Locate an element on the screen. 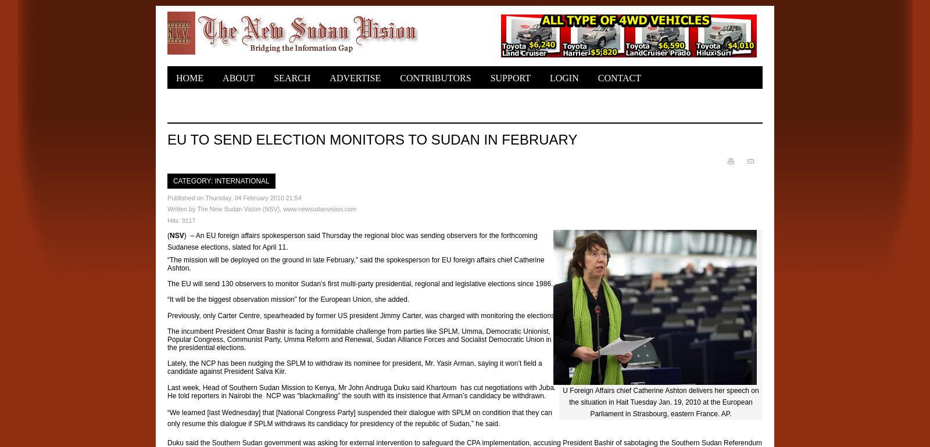  'Support' is located at coordinates (489, 78).